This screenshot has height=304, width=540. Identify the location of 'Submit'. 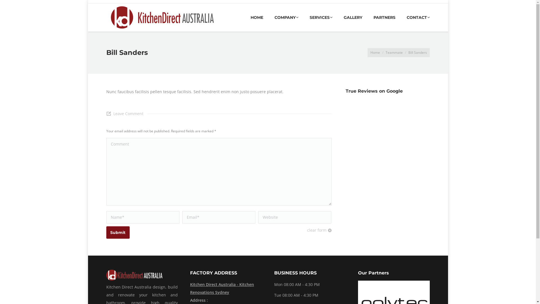
(118, 232).